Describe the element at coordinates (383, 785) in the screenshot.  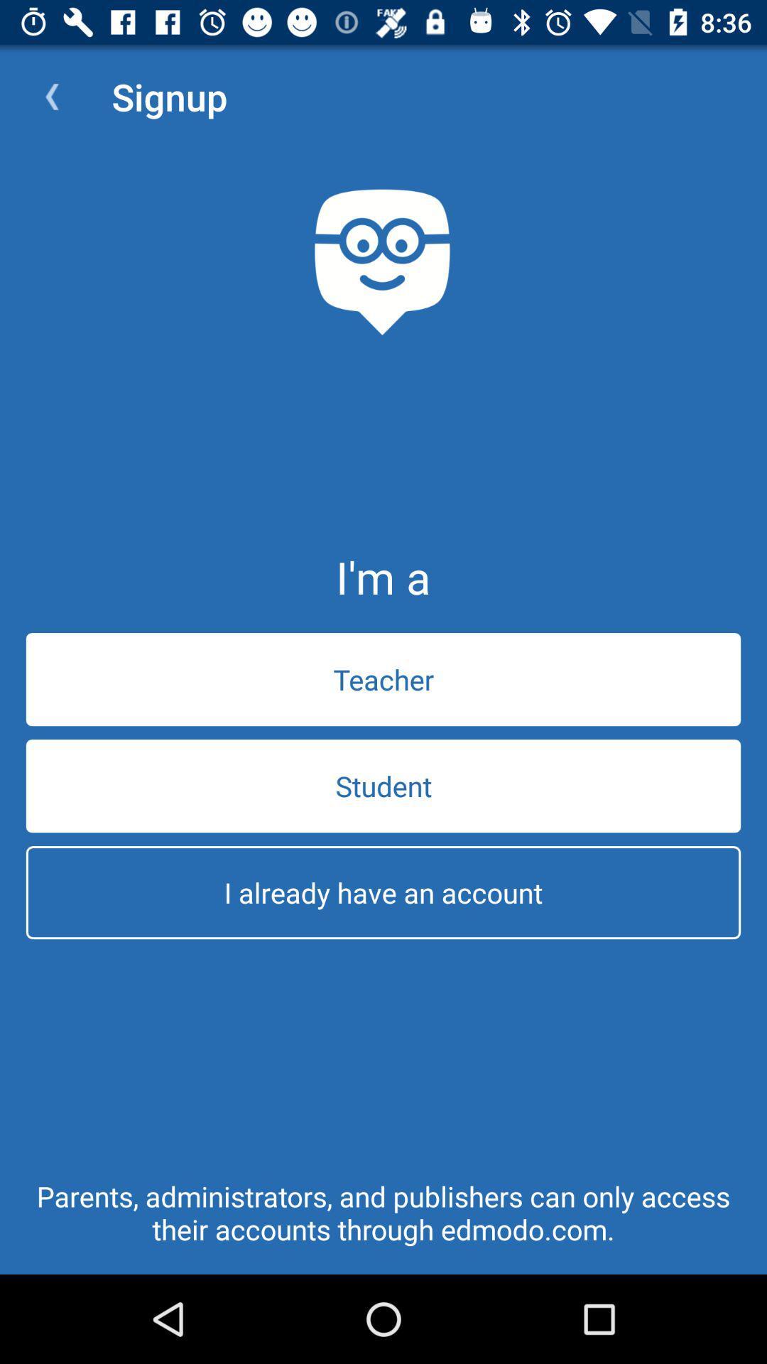
I see `item above i already have icon` at that location.